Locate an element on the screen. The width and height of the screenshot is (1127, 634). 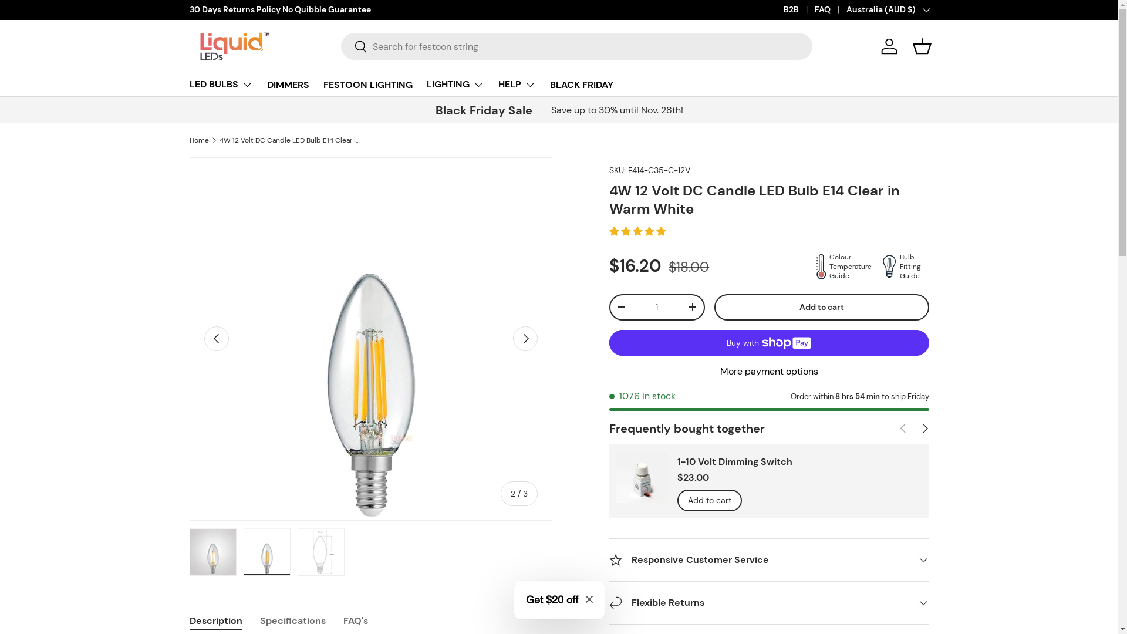
'More payment options' is located at coordinates (769, 371).